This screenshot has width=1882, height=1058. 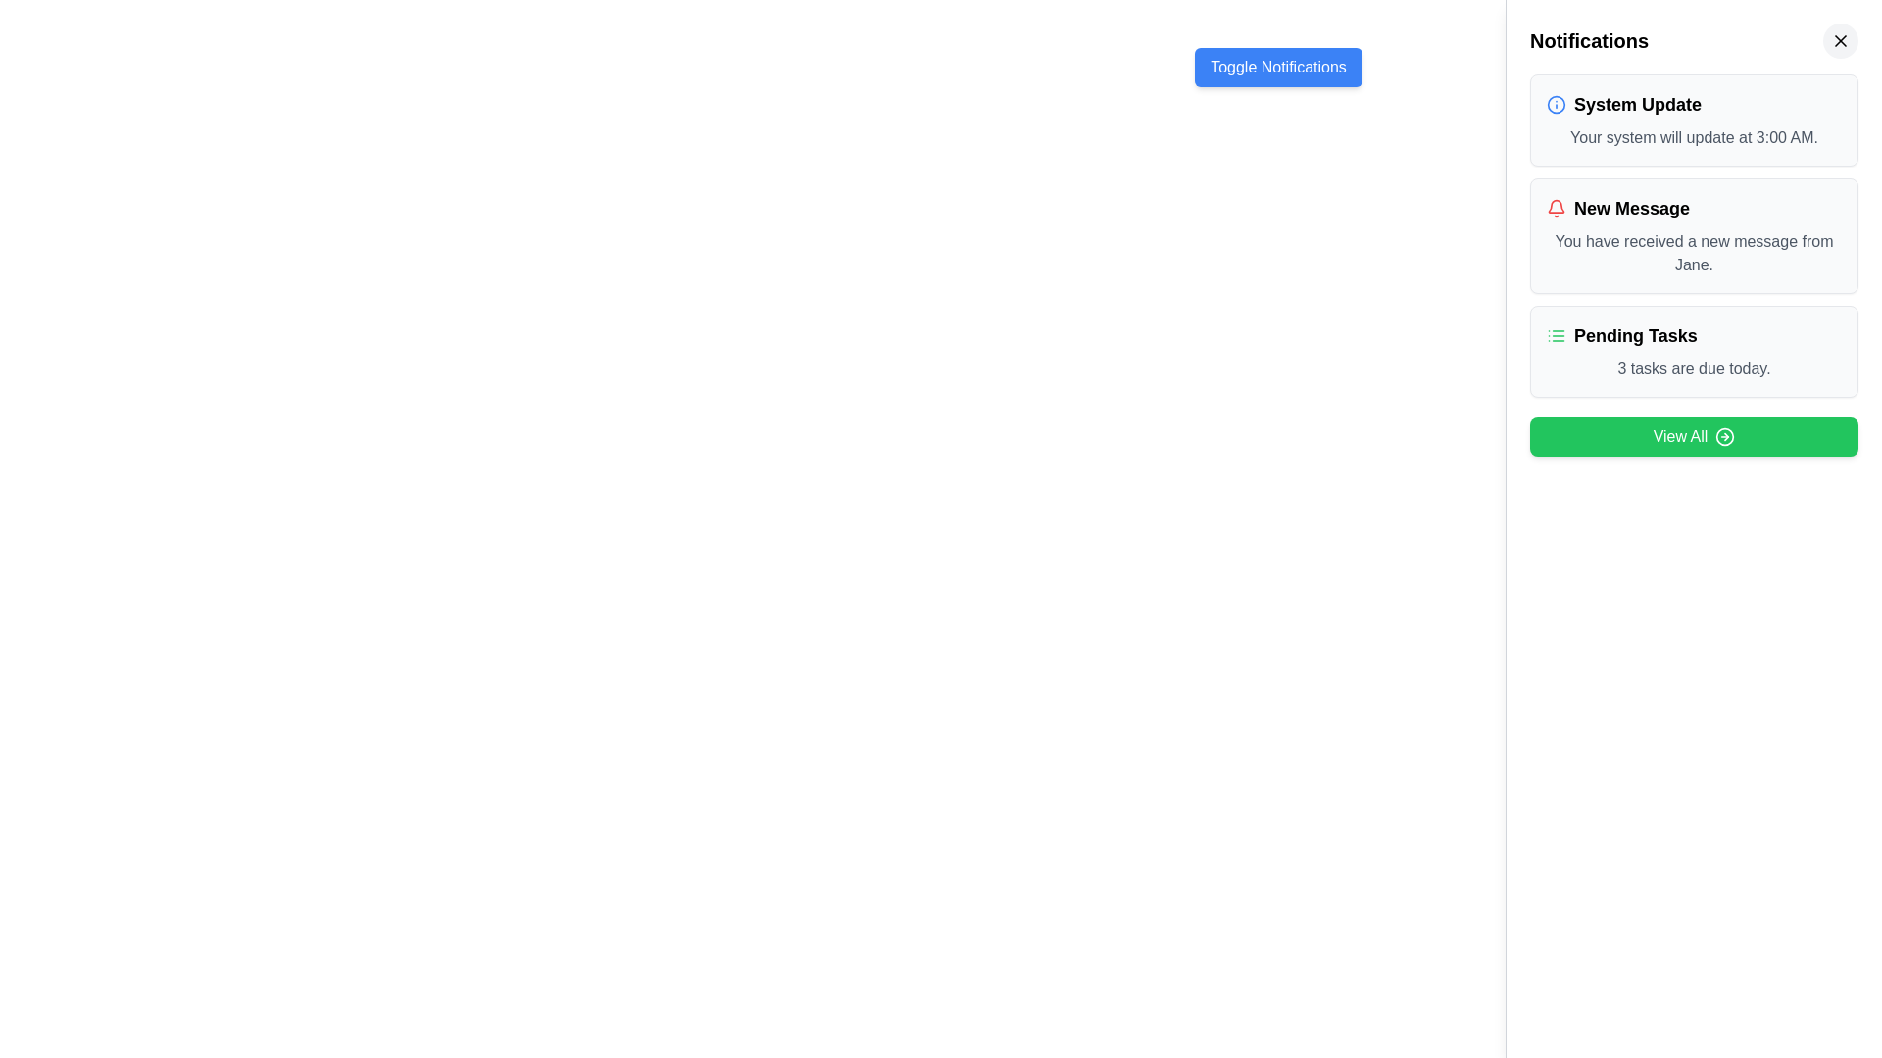 What do you see at coordinates (1693, 369) in the screenshot?
I see `message displayed in the Text Label that informs the user of the number of tasks due on the current day, which is positioned below the title 'Pending Tasks' within the notification card` at bounding box center [1693, 369].